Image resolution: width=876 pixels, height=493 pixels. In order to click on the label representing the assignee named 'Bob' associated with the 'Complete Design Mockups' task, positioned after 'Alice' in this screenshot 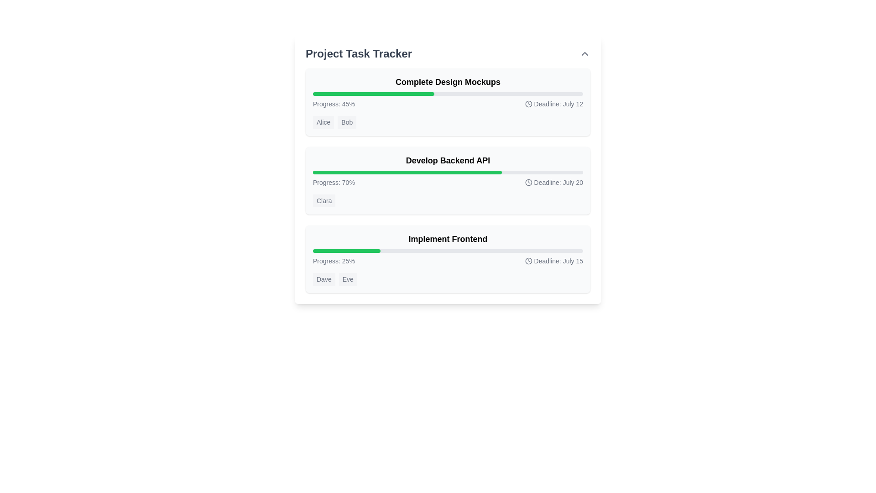, I will do `click(346, 121)`.